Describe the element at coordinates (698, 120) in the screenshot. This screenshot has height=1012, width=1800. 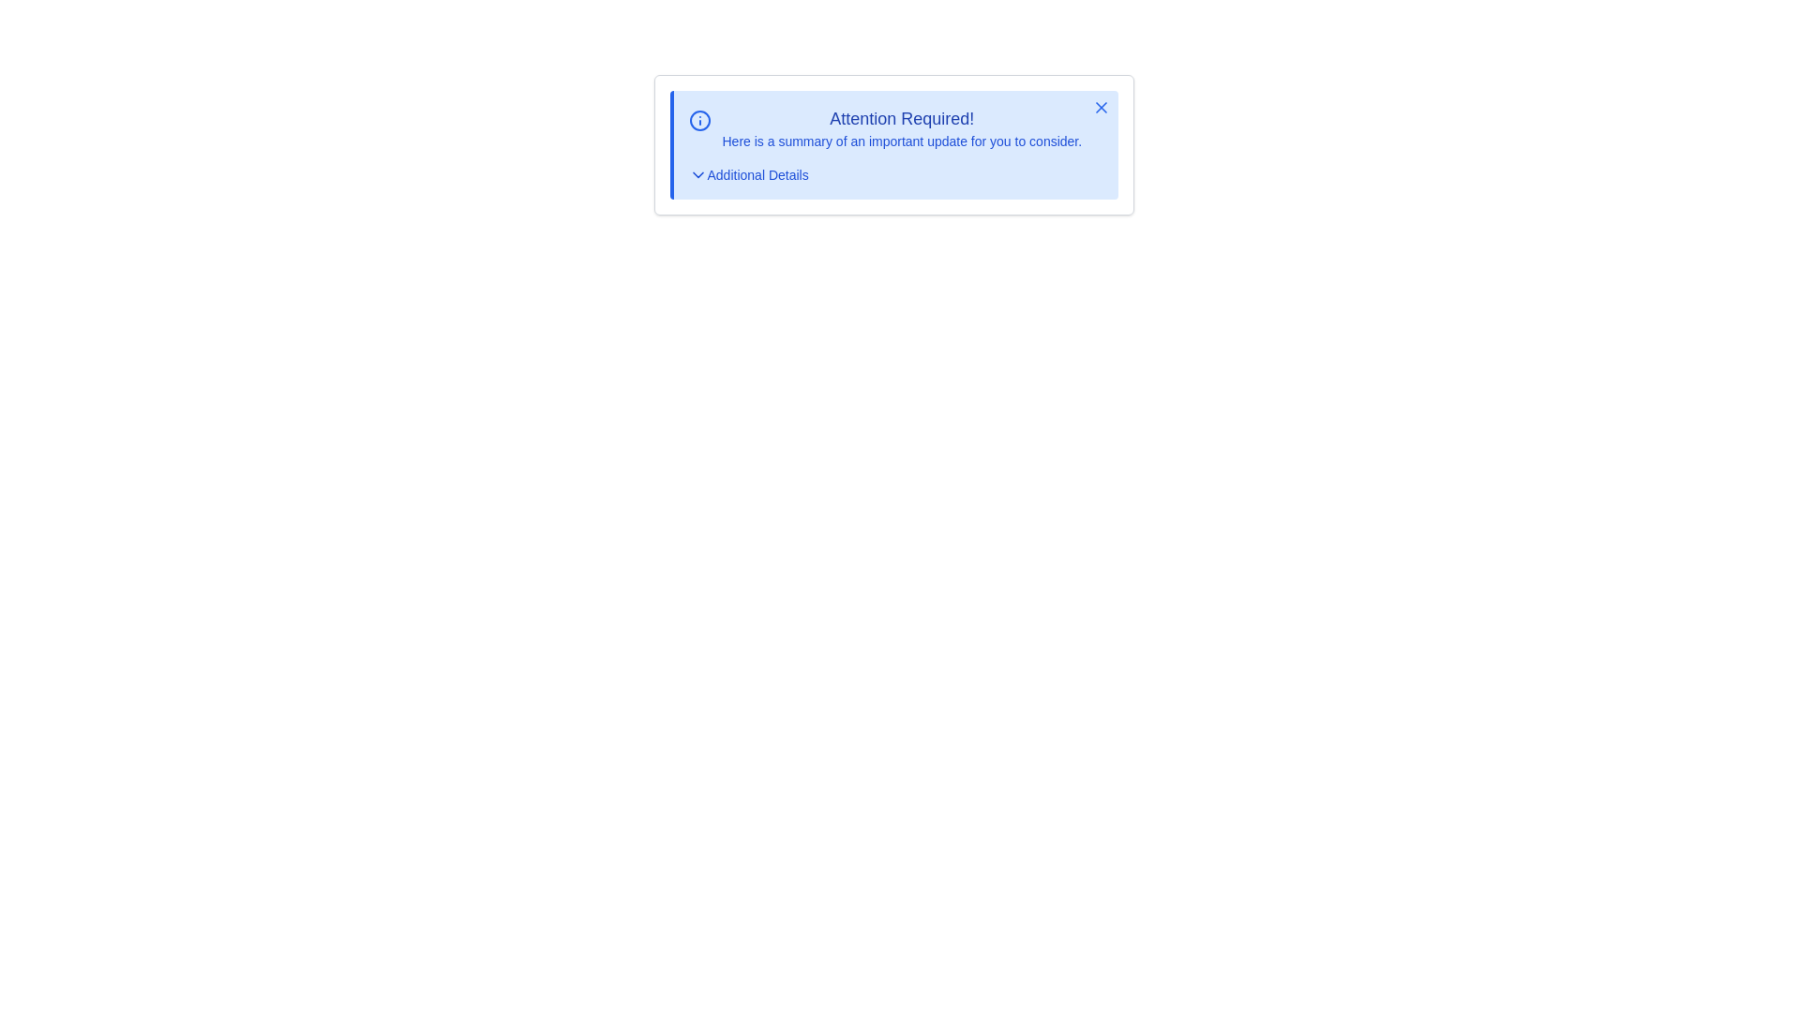
I see `the central circular part of the information icon located to the left of the 'Attention Required!' title in the notification card` at that location.